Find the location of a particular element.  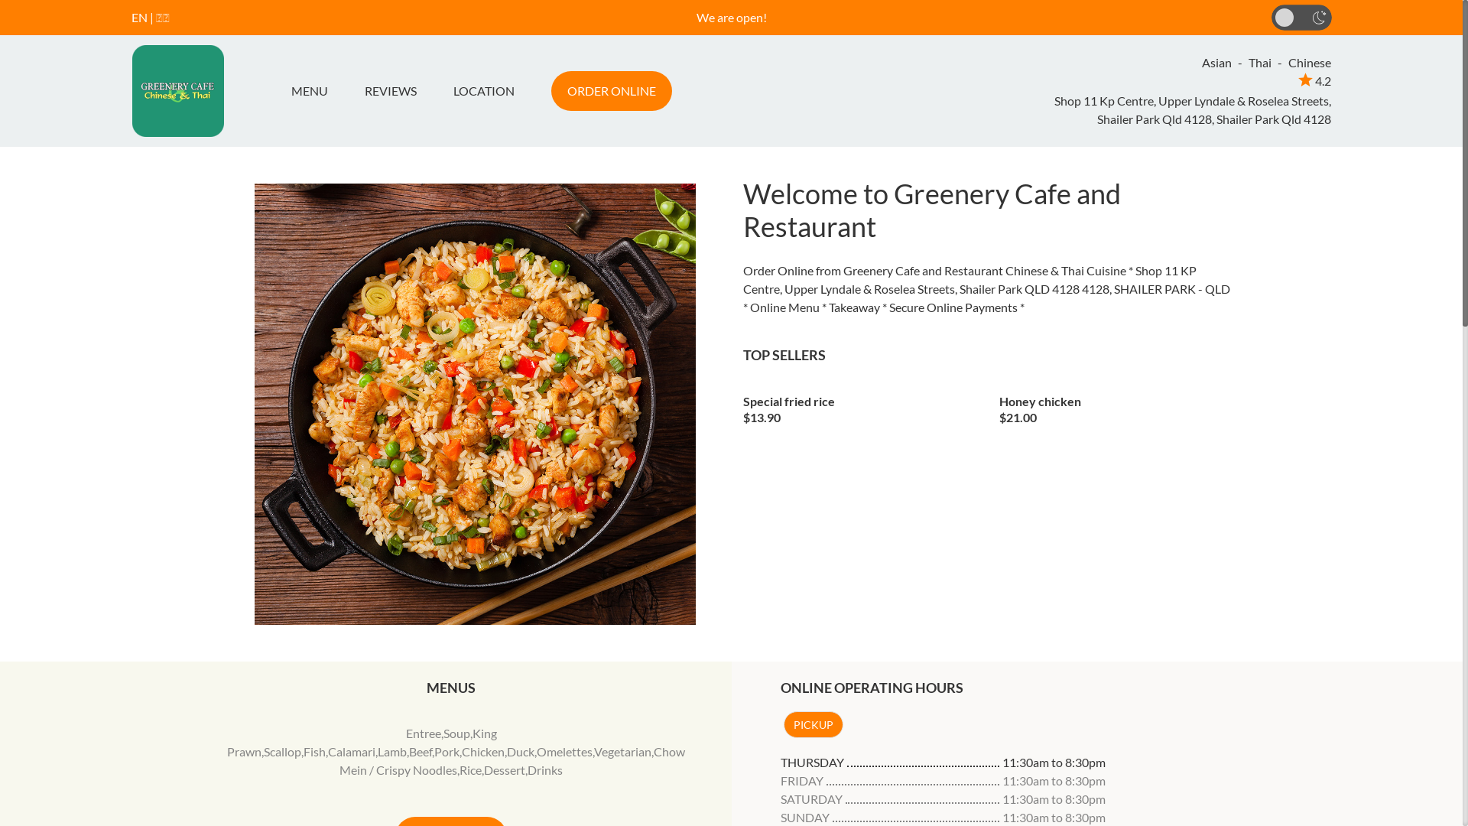

'Pork' is located at coordinates (446, 750).